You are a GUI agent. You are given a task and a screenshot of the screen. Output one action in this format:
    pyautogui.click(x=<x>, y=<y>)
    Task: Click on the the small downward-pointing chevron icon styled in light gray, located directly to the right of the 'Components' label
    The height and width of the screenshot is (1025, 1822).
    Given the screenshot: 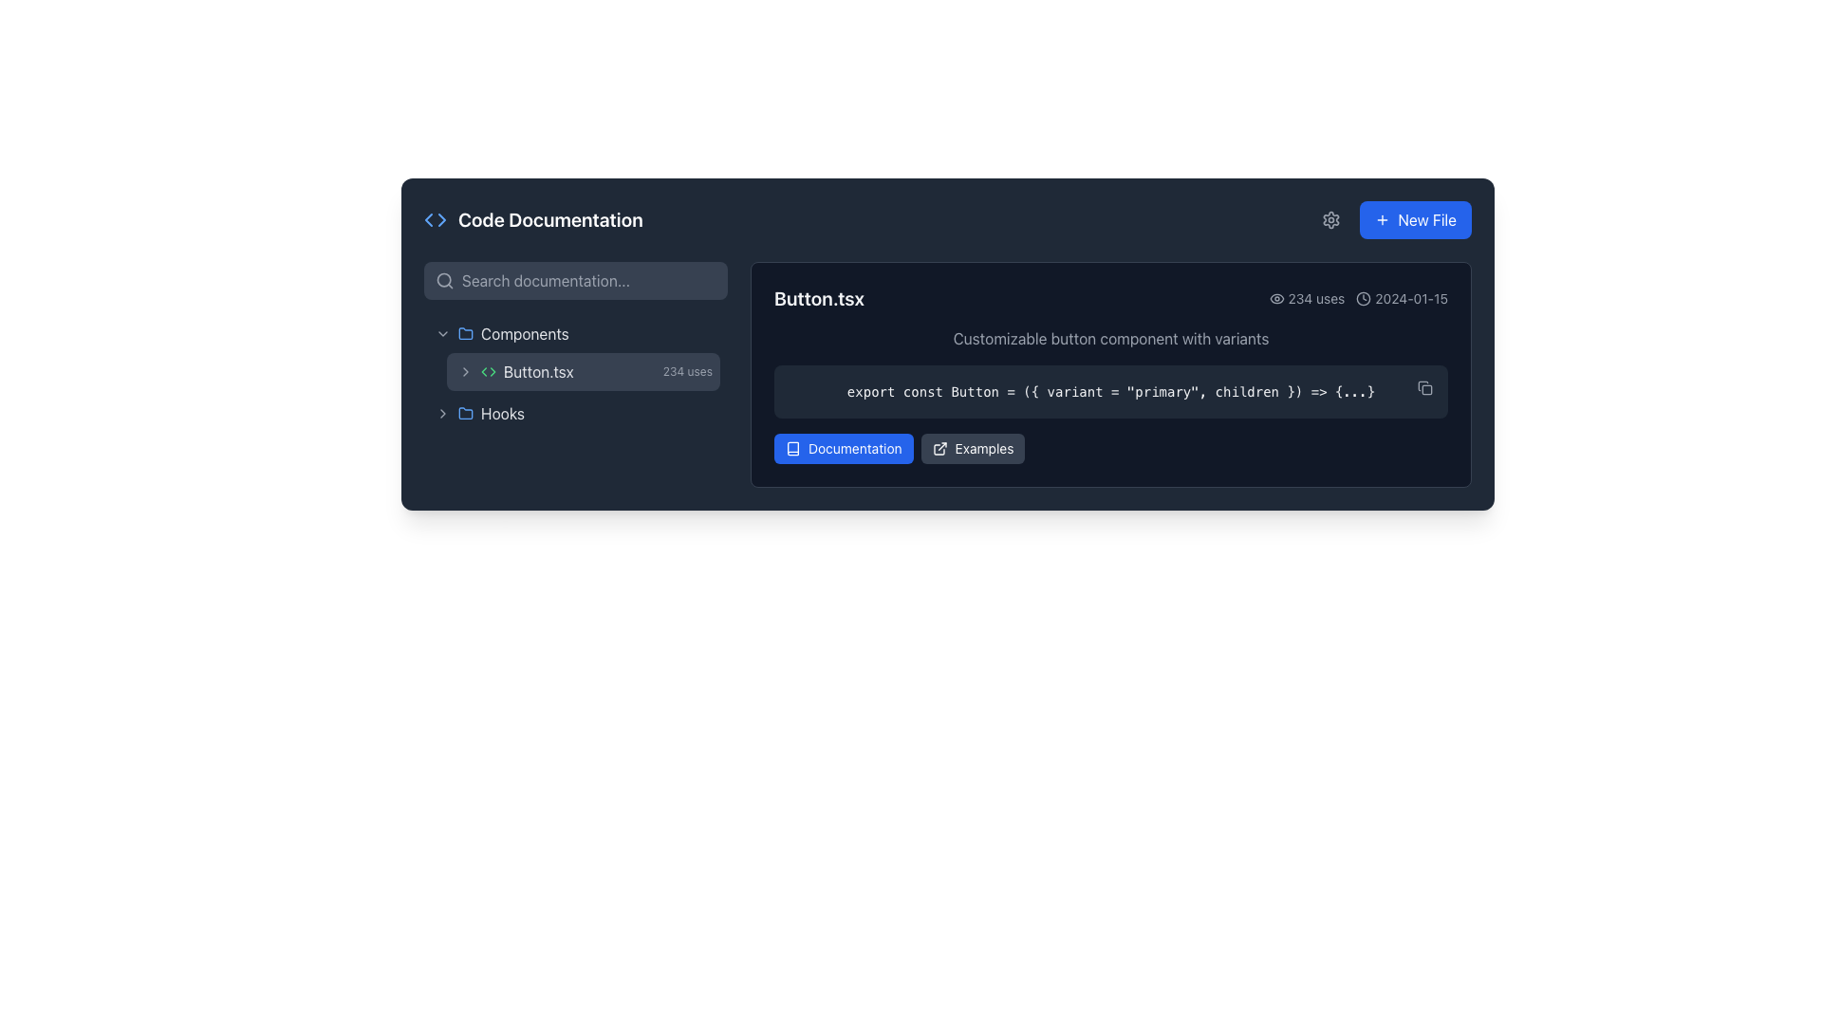 What is the action you would take?
    pyautogui.click(x=441, y=332)
    